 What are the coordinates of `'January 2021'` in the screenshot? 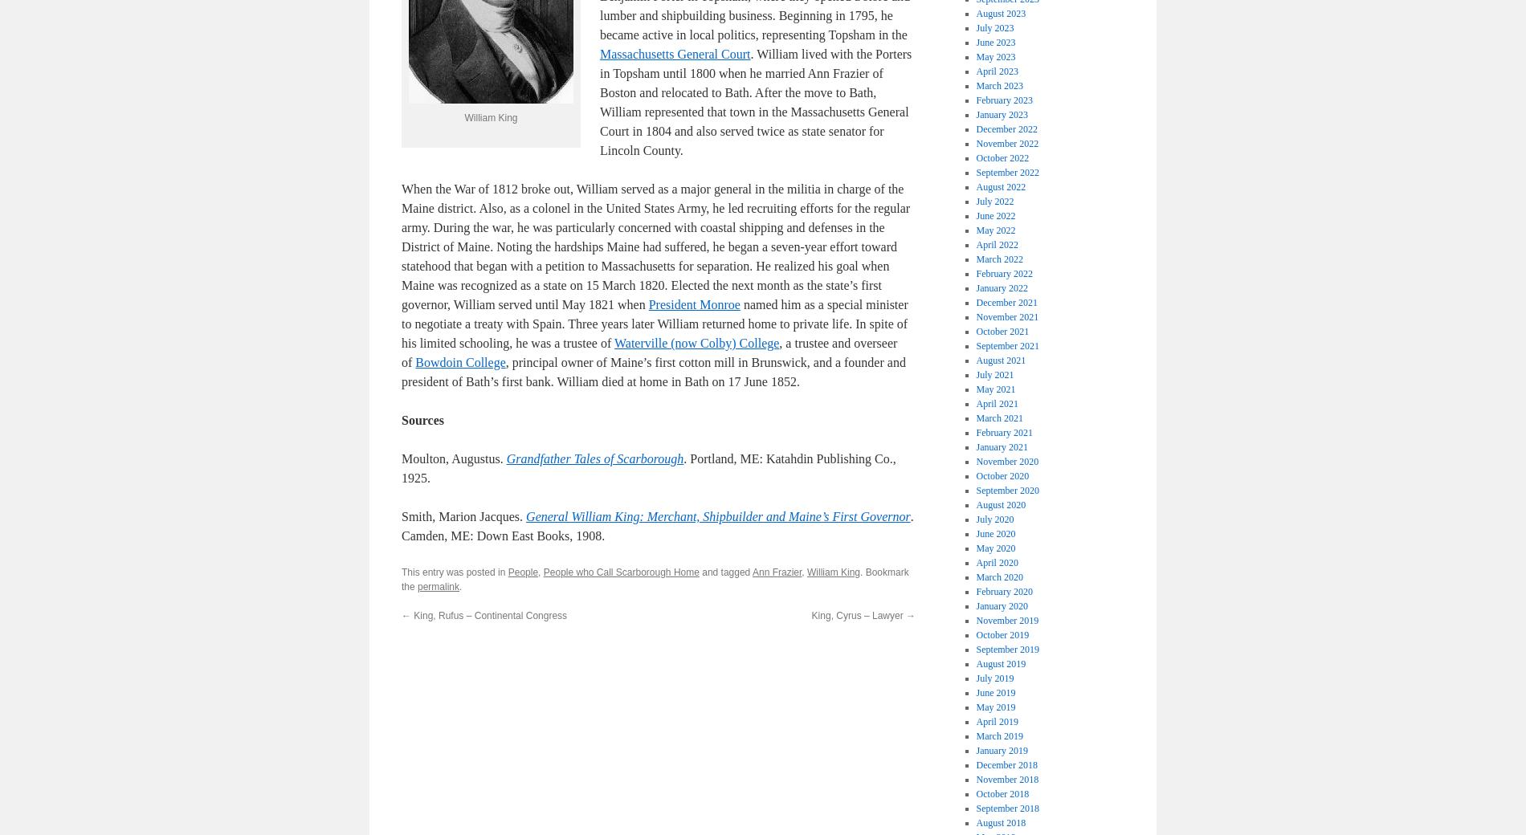 It's located at (975, 446).